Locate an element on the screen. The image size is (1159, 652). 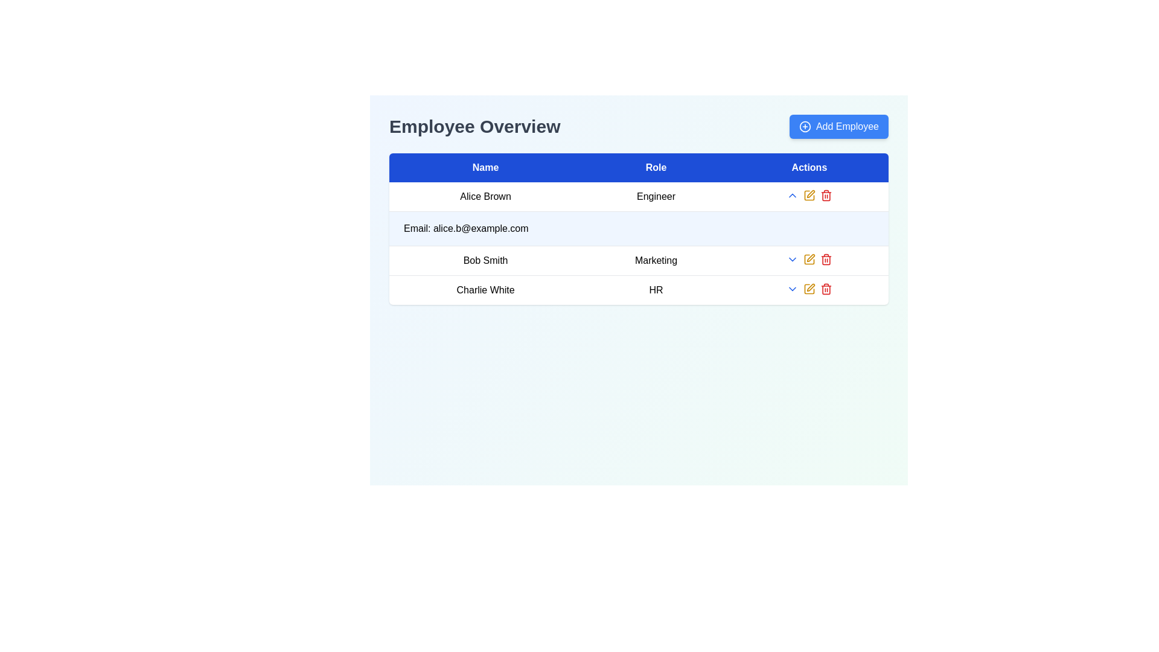
the circular vector graphics component with a thin outline that is part of the 'Add Employee' button located in the top-right section of the interface is located at coordinates (805, 126).